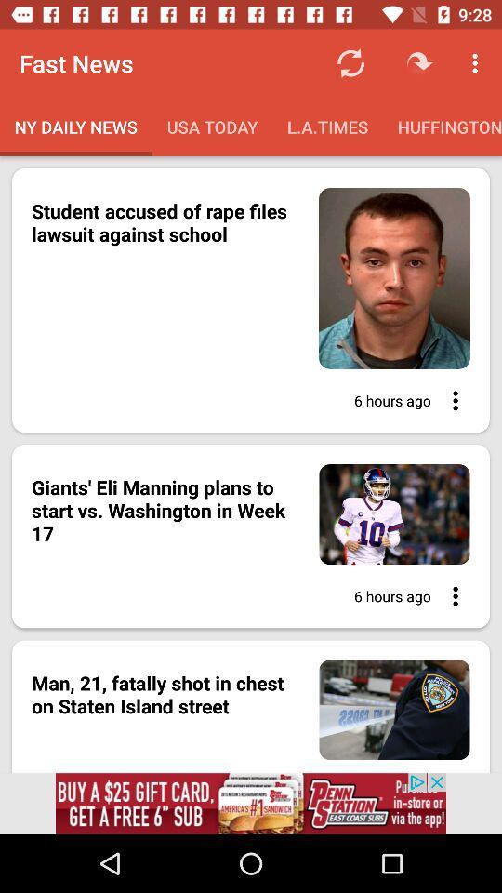 This screenshot has width=502, height=893. What do you see at coordinates (478, 63) in the screenshot?
I see `top right corner icon` at bounding box center [478, 63].